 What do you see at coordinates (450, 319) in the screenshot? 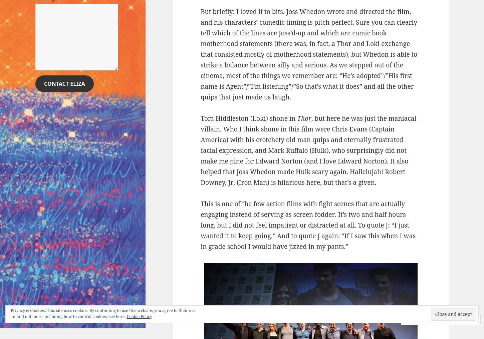
I see `'Follow'` at bounding box center [450, 319].